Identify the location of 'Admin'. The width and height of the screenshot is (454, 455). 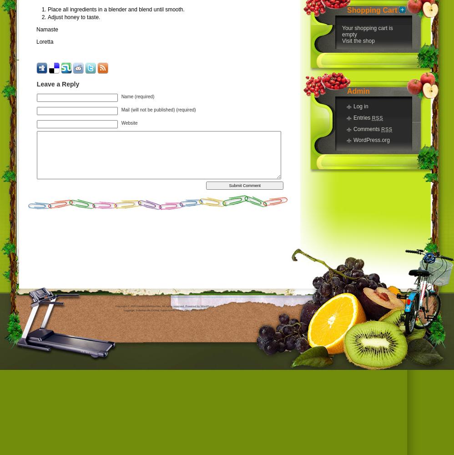
(346, 90).